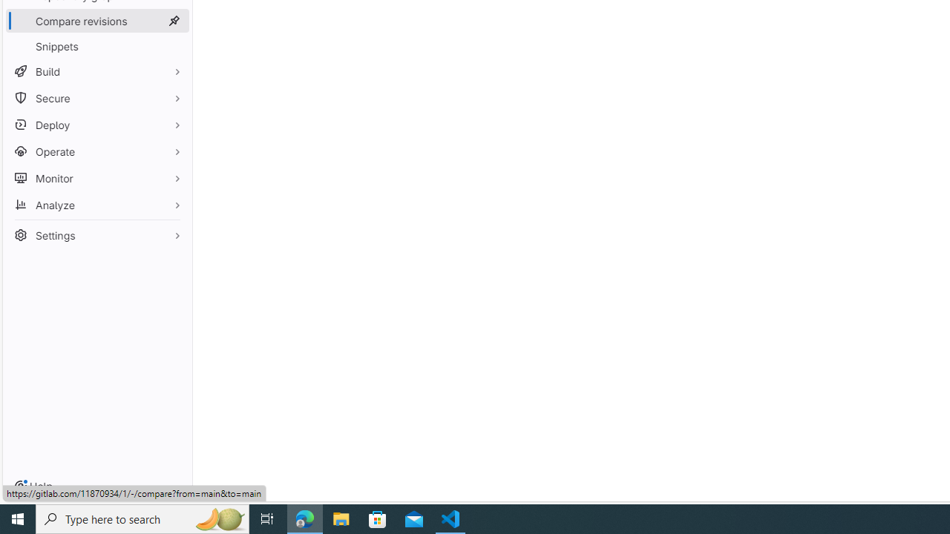 The height and width of the screenshot is (534, 950). I want to click on 'Analyze', so click(96, 205).